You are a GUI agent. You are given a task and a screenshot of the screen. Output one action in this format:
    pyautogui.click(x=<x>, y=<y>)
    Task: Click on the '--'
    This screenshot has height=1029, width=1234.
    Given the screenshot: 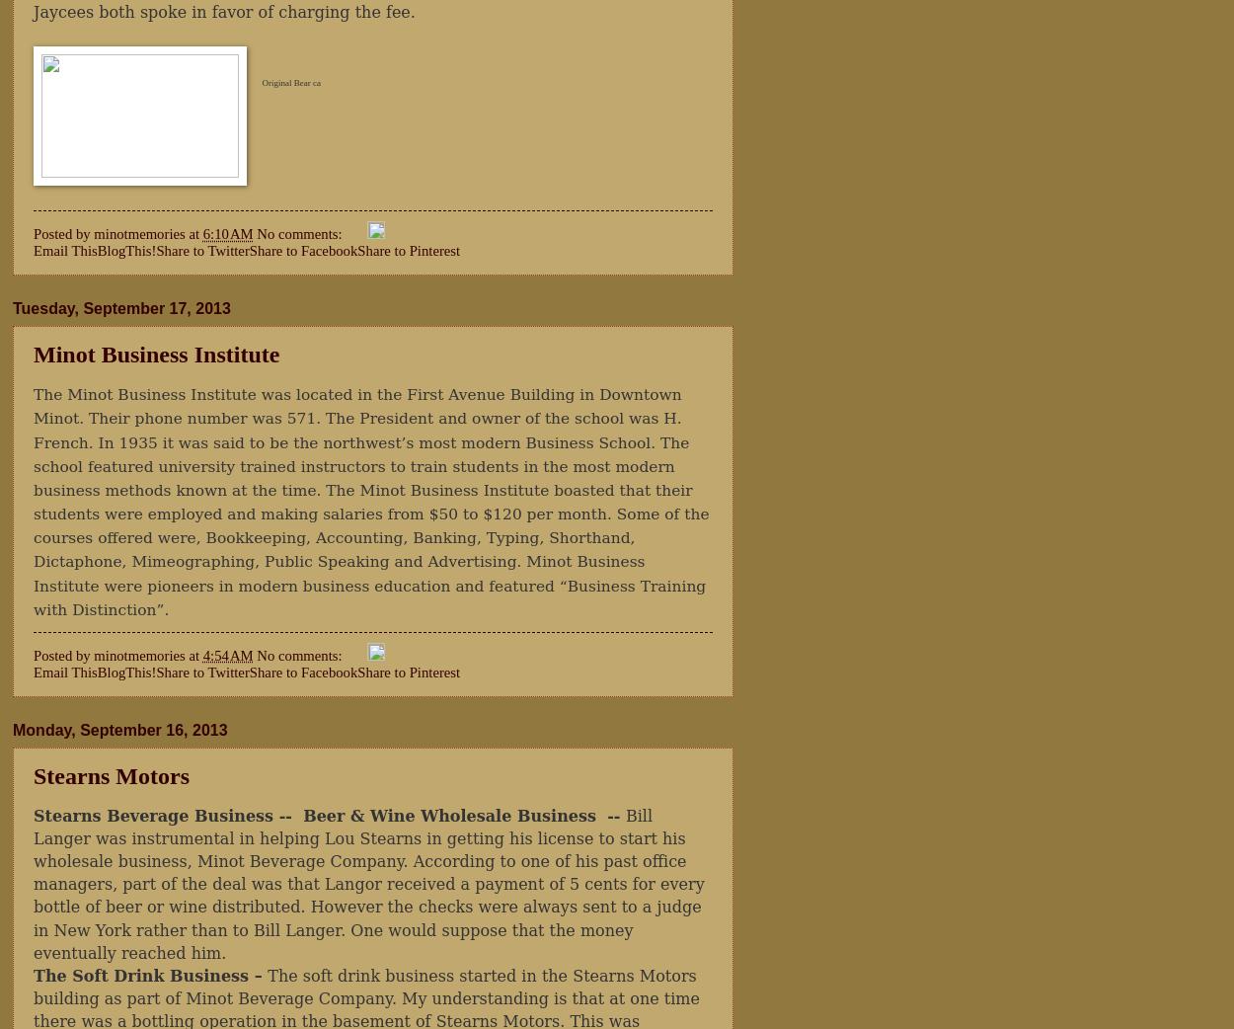 What is the action you would take?
    pyautogui.click(x=615, y=815)
    